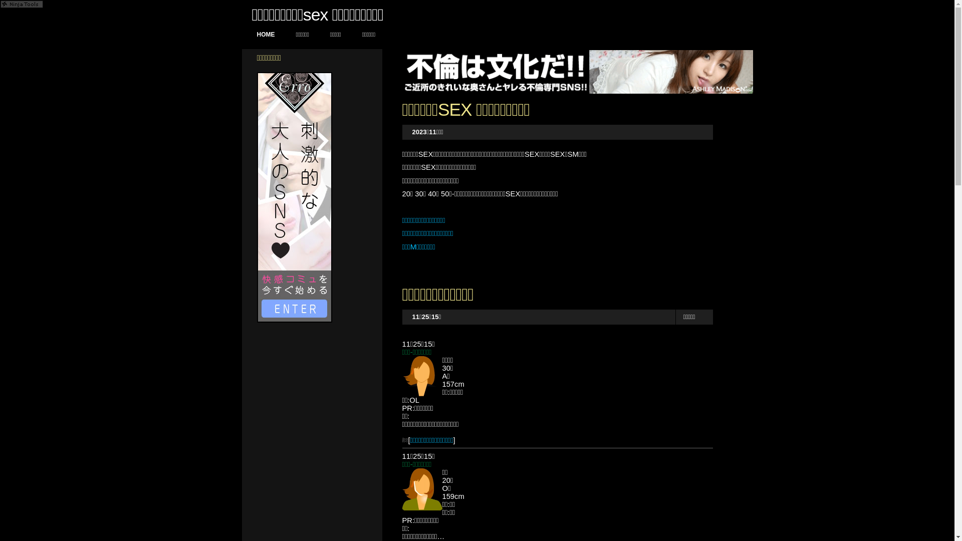 This screenshot has height=541, width=962. I want to click on 'HOME', so click(246, 34).